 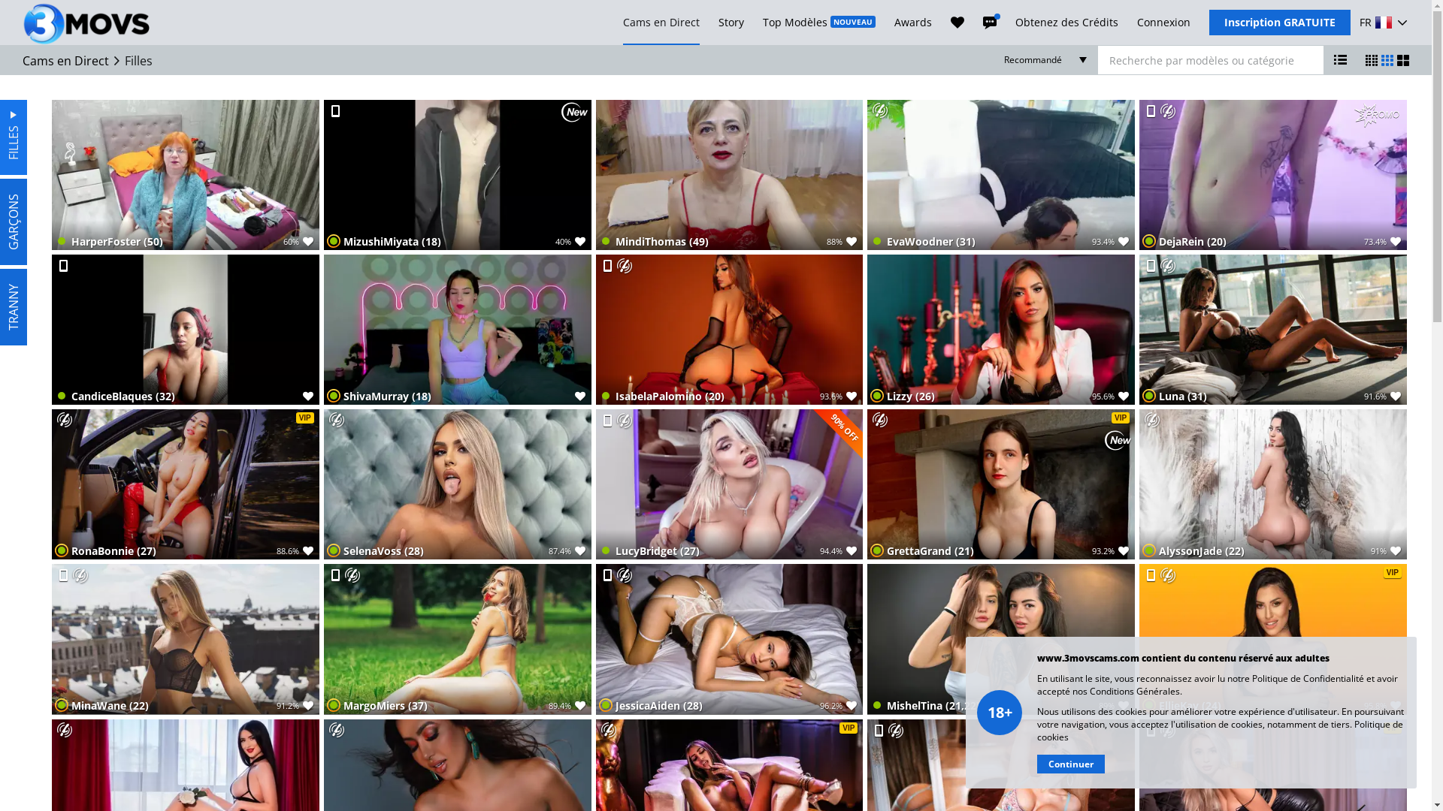 What do you see at coordinates (1163, 23) in the screenshot?
I see `'Connexion'` at bounding box center [1163, 23].